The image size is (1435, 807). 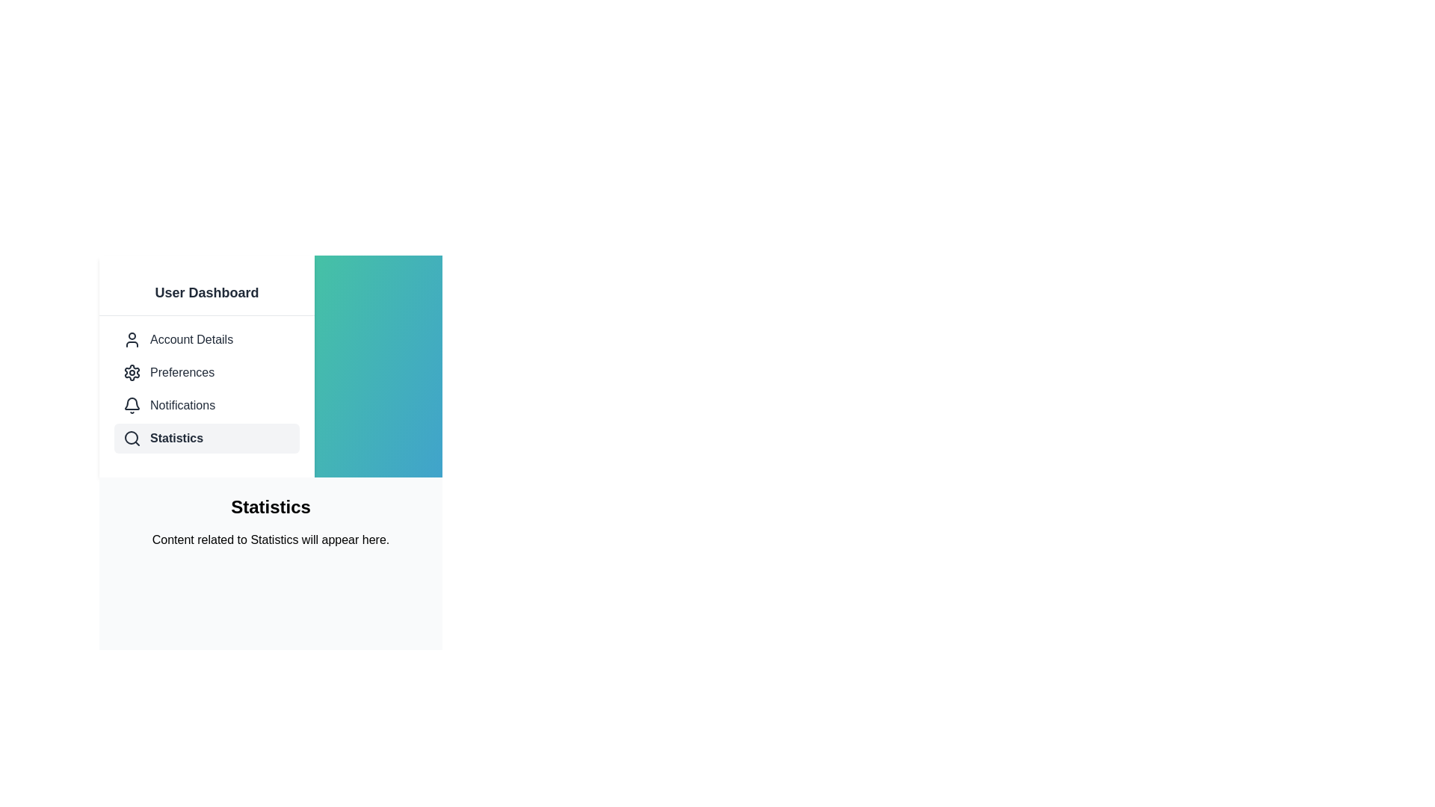 What do you see at coordinates (132, 340) in the screenshot?
I see `the 'Account Details' icon located in the User Dashboard menu on the left side, positioned above the Preferences icon` at bounding box center [132, 340].